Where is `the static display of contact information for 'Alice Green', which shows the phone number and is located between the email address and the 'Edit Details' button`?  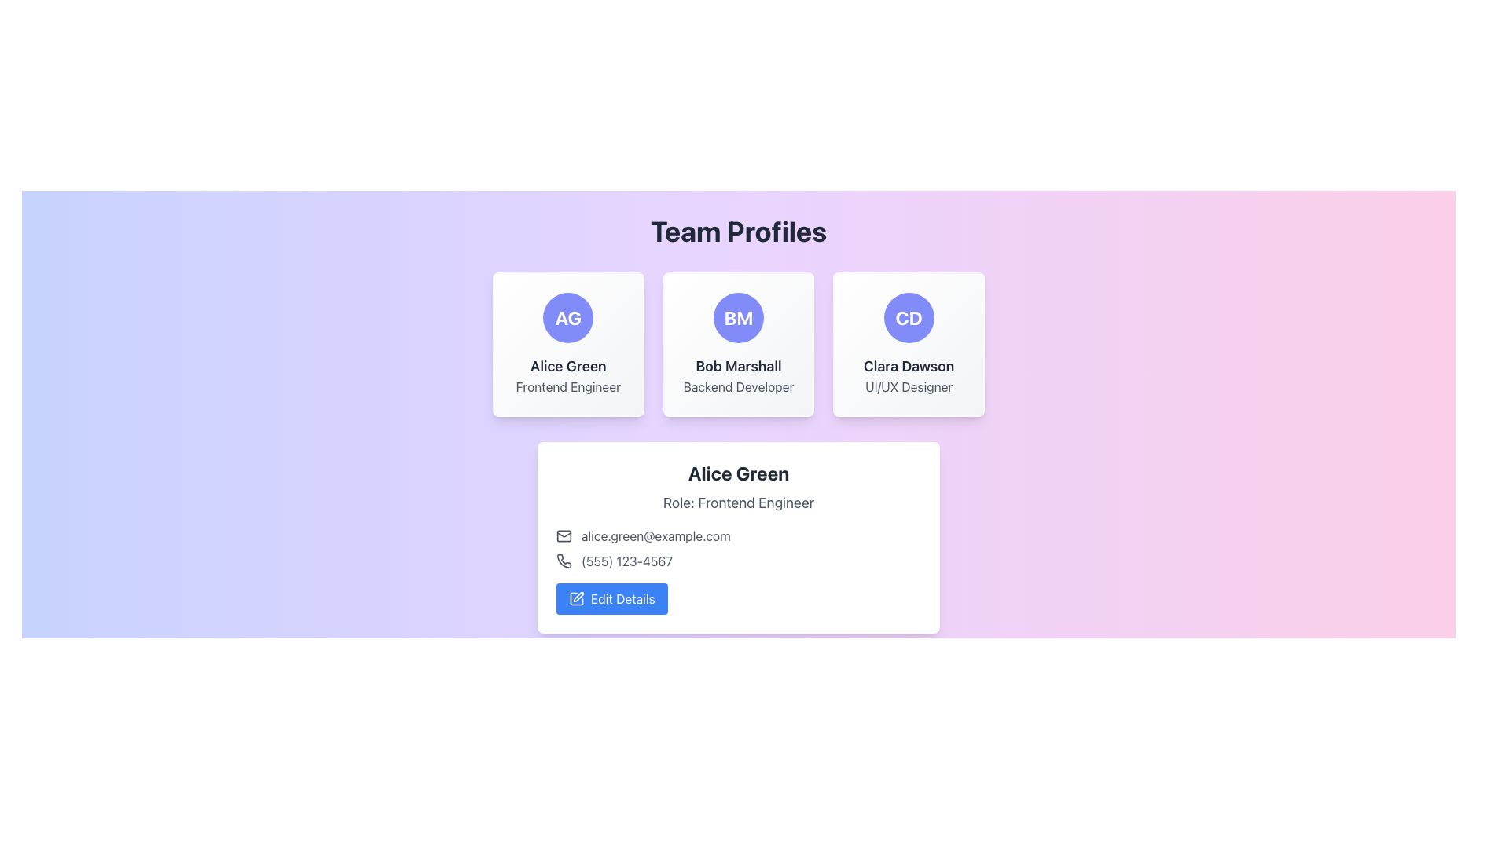
the static display of contact information for 'Alice Green', which shows the phone number and is located between the email address and the 'Edit Details' button is located at coordinates (738, 560).